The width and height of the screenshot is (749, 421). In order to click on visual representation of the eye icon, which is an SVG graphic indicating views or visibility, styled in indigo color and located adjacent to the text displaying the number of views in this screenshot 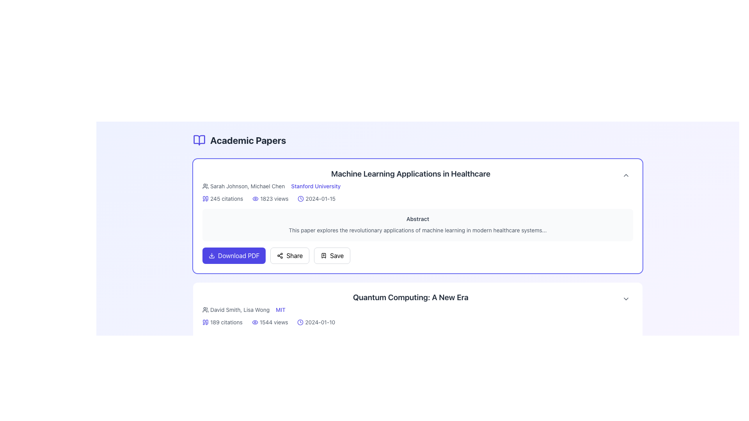, I will do `click(254, 391)`.